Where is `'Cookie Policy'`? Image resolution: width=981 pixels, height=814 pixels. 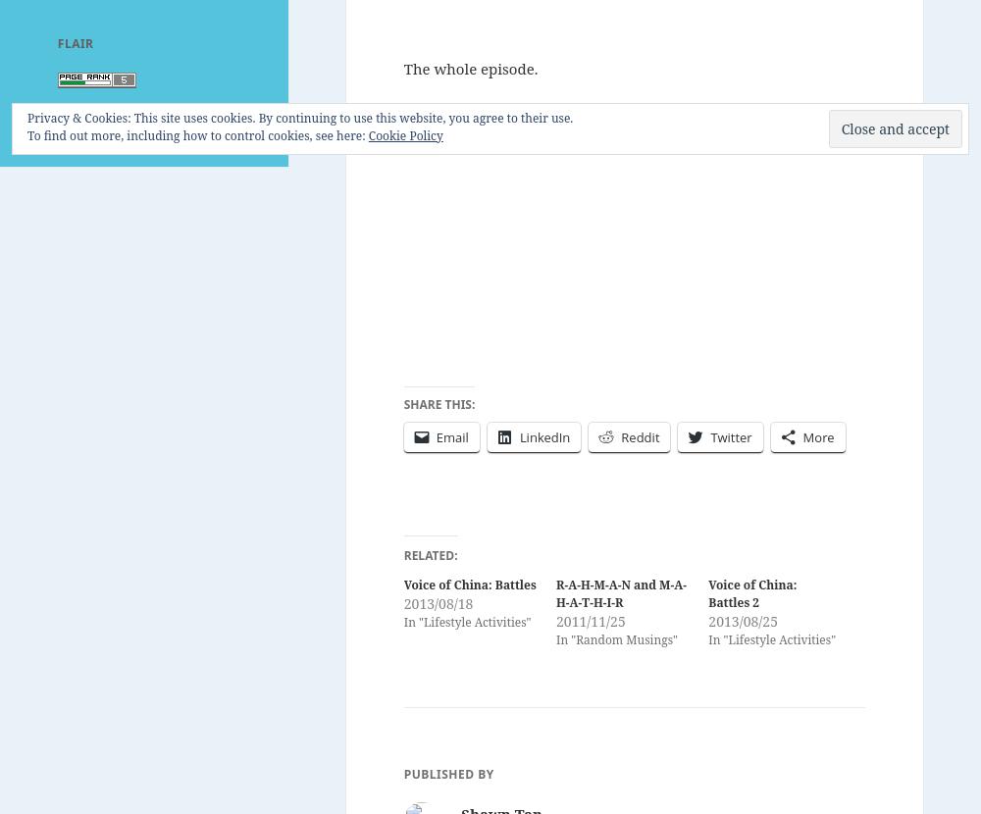
'Cookie Policy' is located at coordinates (405, 134).